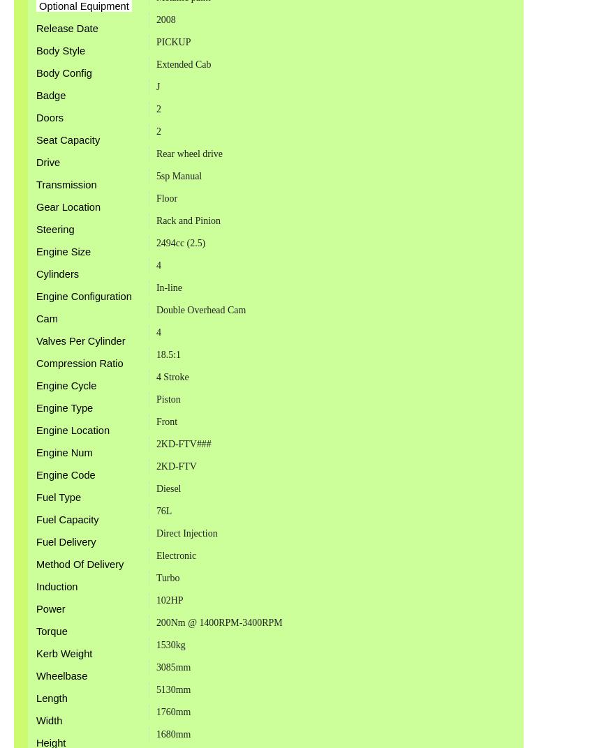 This screenshot has width=590, height=748. Describe the element at coordinates (35, 50) in the screenshot. I see `'Body Style'` at that location.